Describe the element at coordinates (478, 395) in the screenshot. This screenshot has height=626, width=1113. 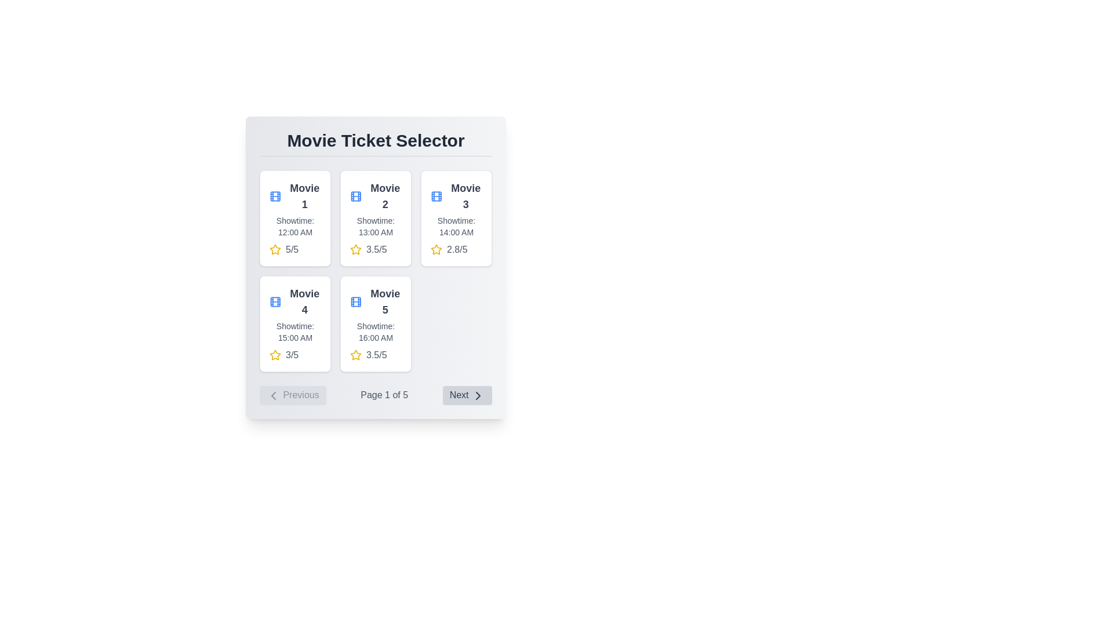
I see `the right-pointing chevron icon within the 'Next' navigation button located in the bottom-right area of the visible main panel` at that location.